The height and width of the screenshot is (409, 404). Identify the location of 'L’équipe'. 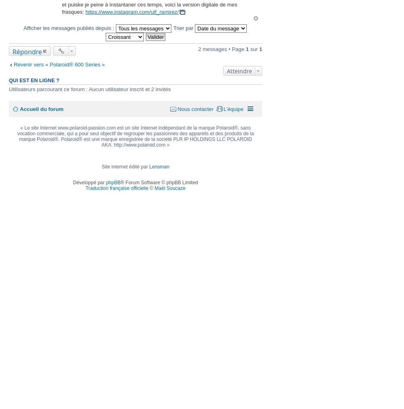
(233, 109).